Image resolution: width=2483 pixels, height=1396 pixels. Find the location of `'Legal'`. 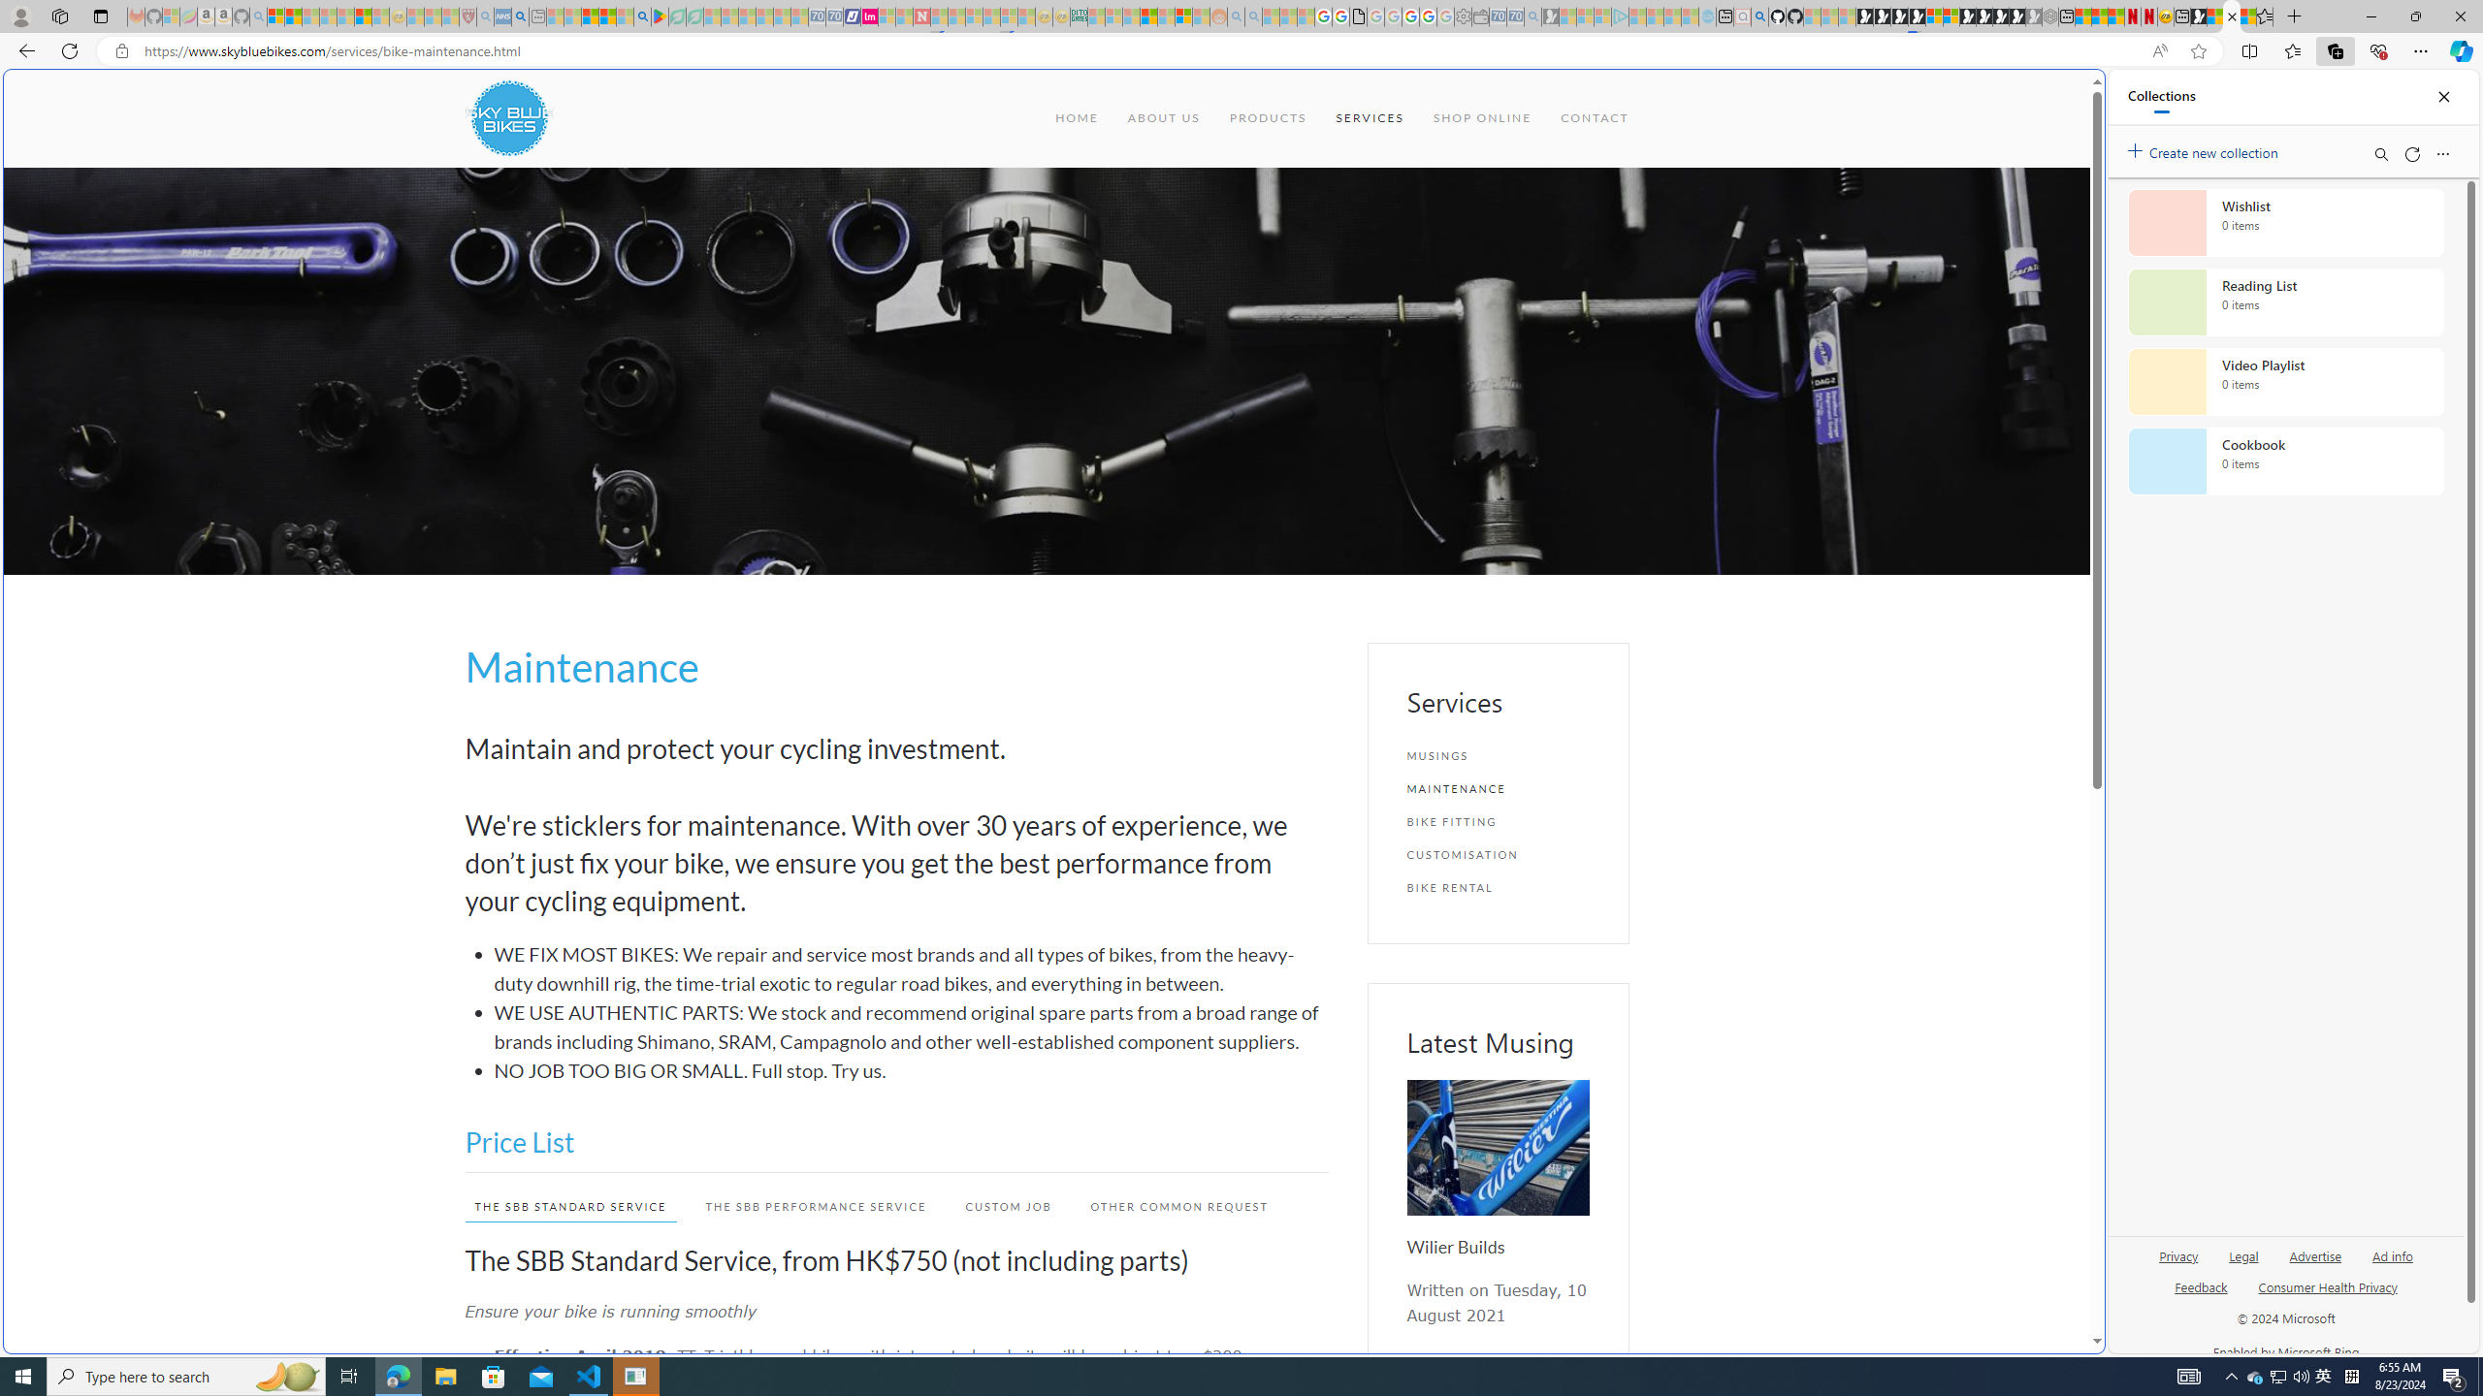

'Legal' is located at coordinates (2244, 1254).